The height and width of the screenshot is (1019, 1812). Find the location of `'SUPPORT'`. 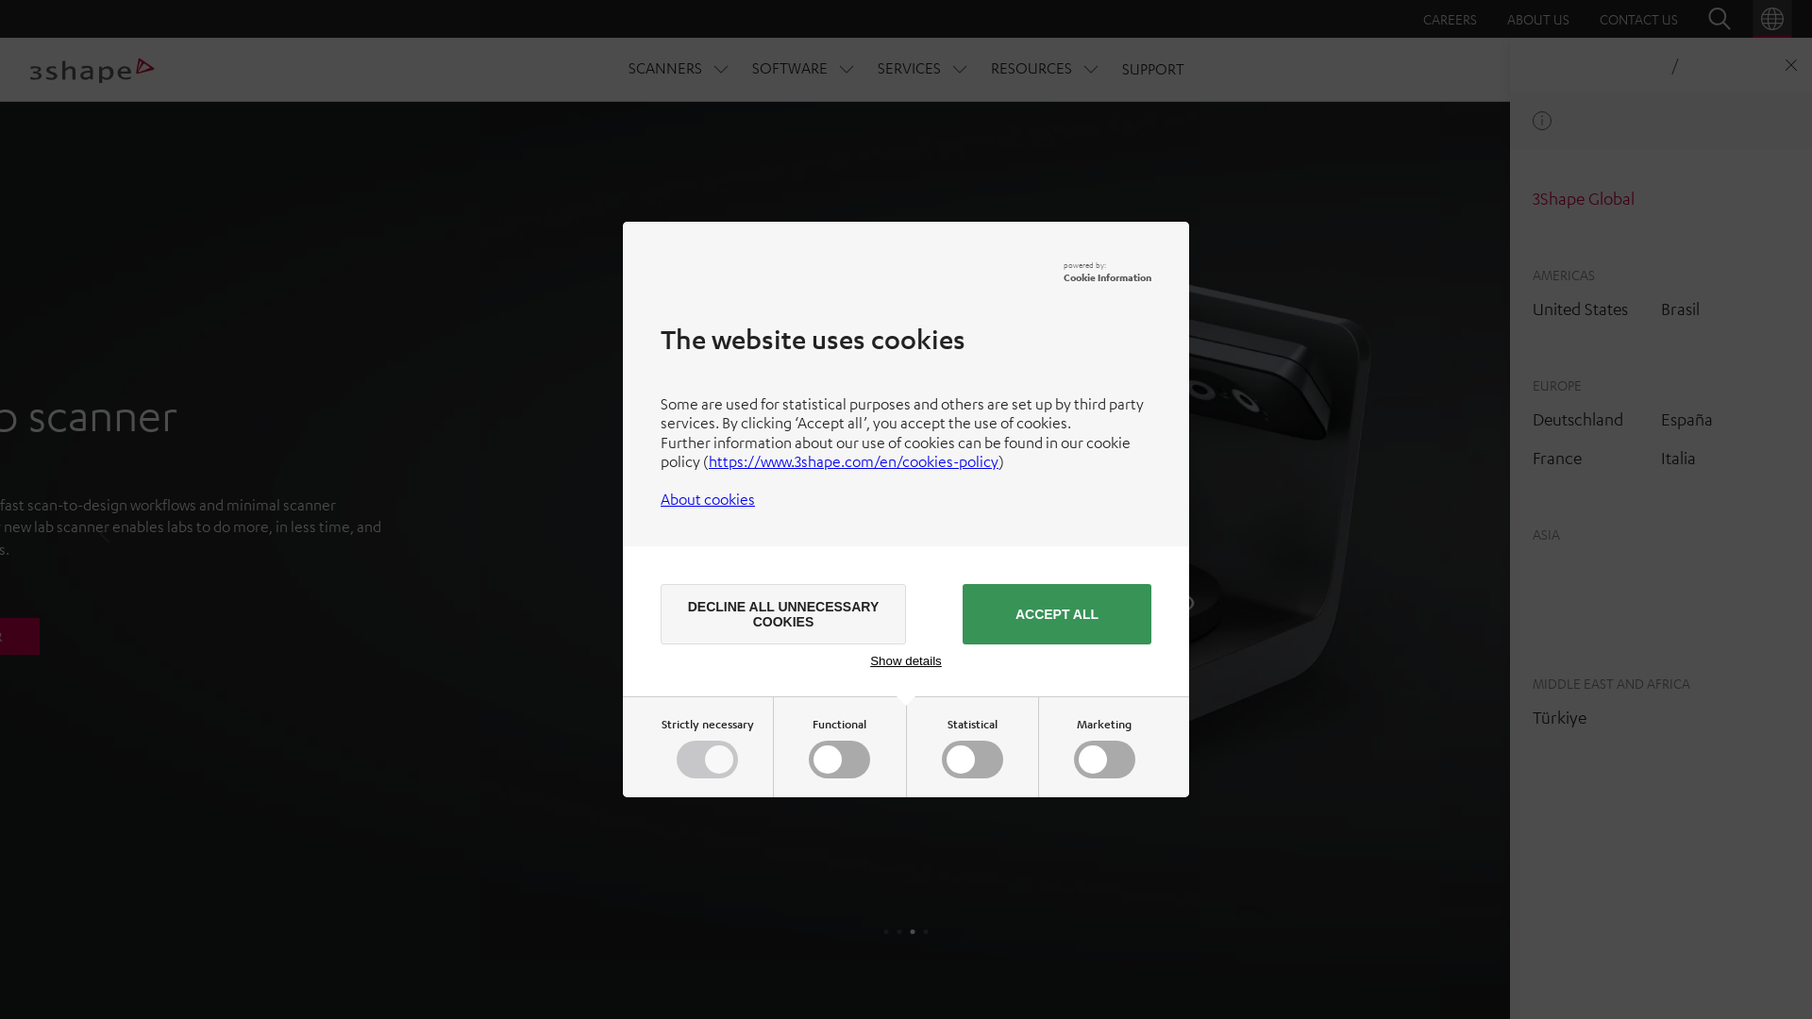

'SUPPORT' is located at coordinates (1150, 68).